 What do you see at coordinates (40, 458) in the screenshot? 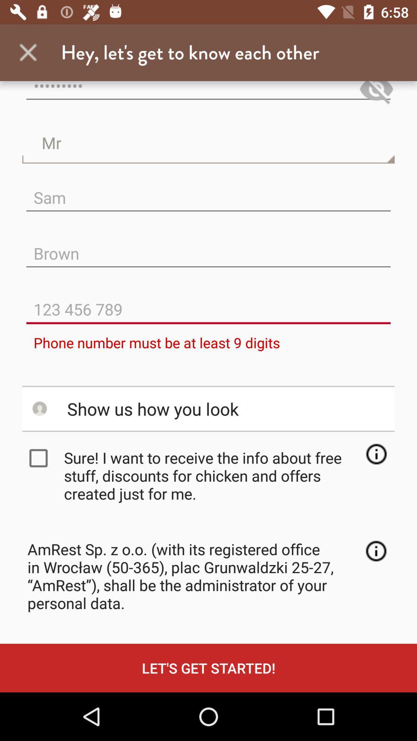
I see `check option` at bounding box center [40, 458].